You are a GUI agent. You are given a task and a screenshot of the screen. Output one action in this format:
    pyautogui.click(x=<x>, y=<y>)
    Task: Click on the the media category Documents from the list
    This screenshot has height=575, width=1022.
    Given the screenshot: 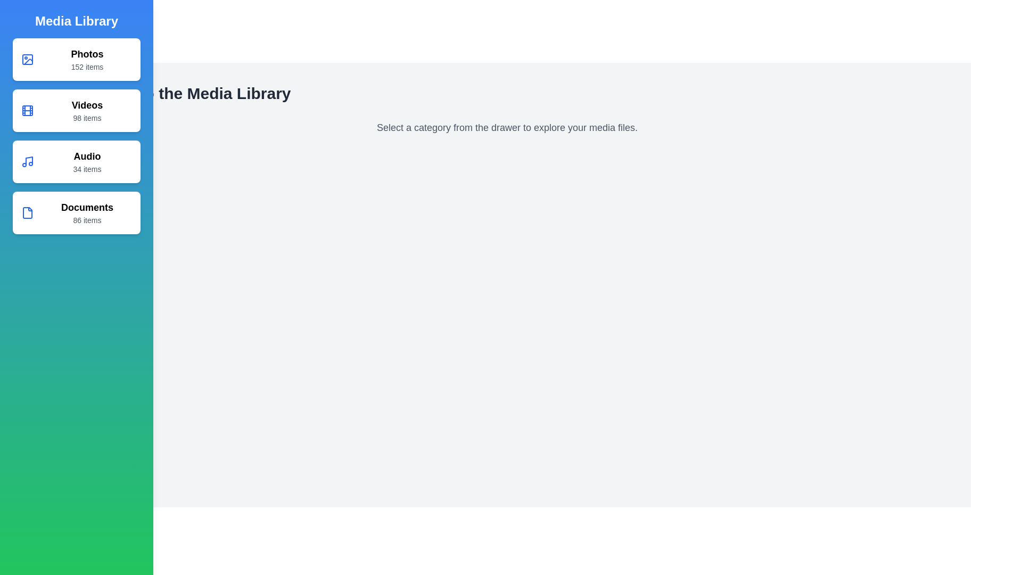 What is the action you would take?
    pyautogui.click(x=76, y=213)
    